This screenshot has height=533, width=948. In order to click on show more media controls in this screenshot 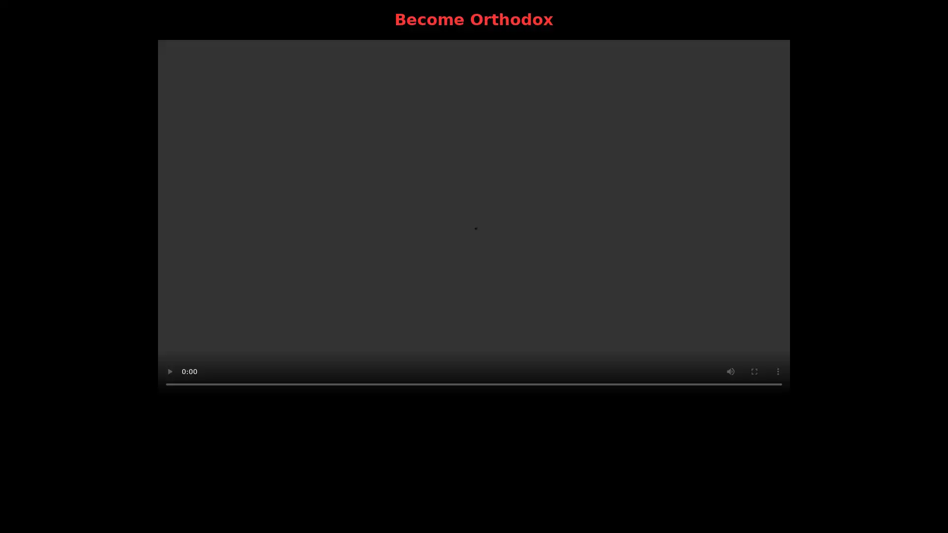, I will do `click(777, 371)`.